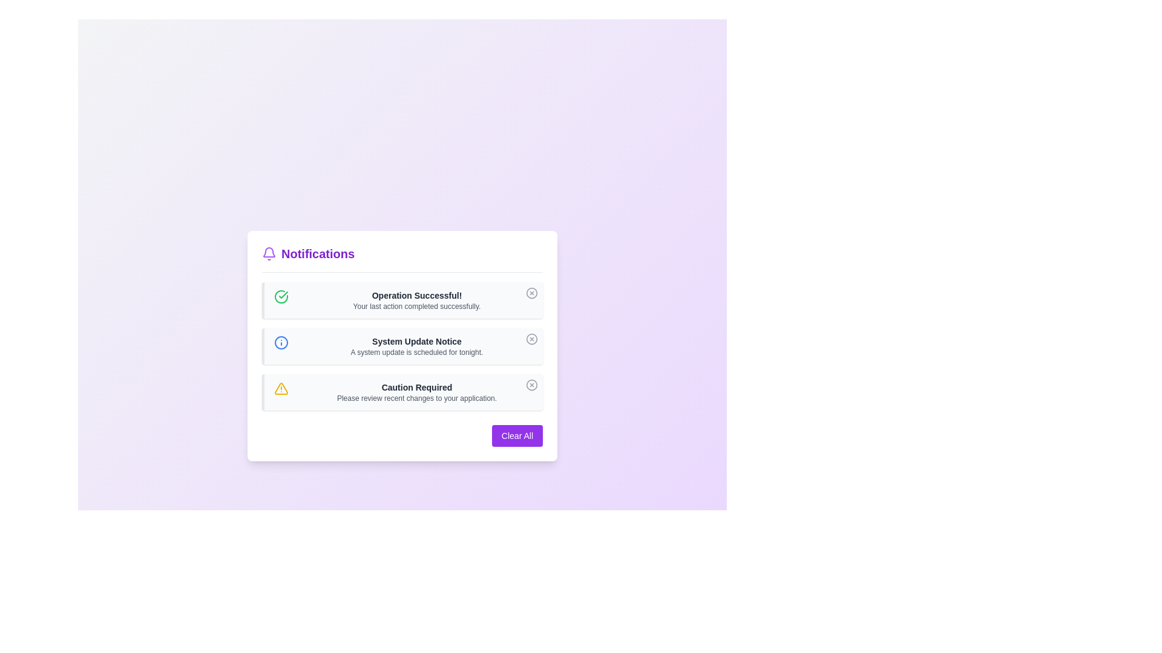 The image size is (1162, 653). I want to click on the Header text element that serves as a title for the notifications section, located to the right of the bell icon at the top-left corner of the main content card, so click(318, 253).